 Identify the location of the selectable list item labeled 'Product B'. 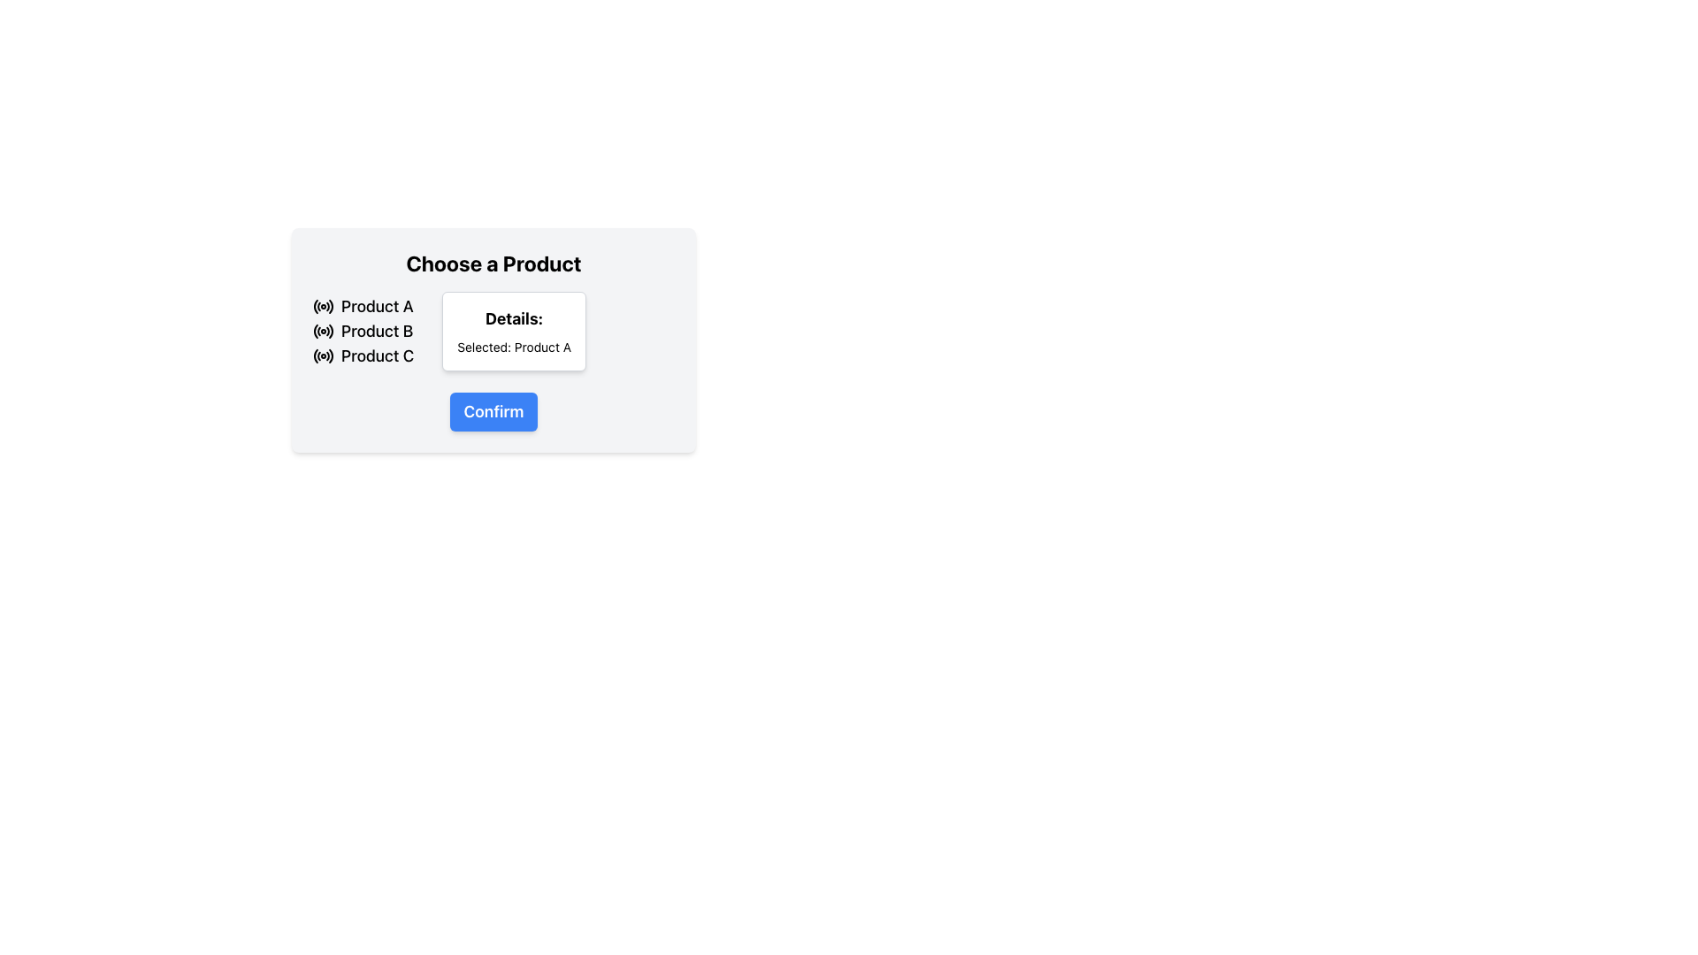
(362, 331).